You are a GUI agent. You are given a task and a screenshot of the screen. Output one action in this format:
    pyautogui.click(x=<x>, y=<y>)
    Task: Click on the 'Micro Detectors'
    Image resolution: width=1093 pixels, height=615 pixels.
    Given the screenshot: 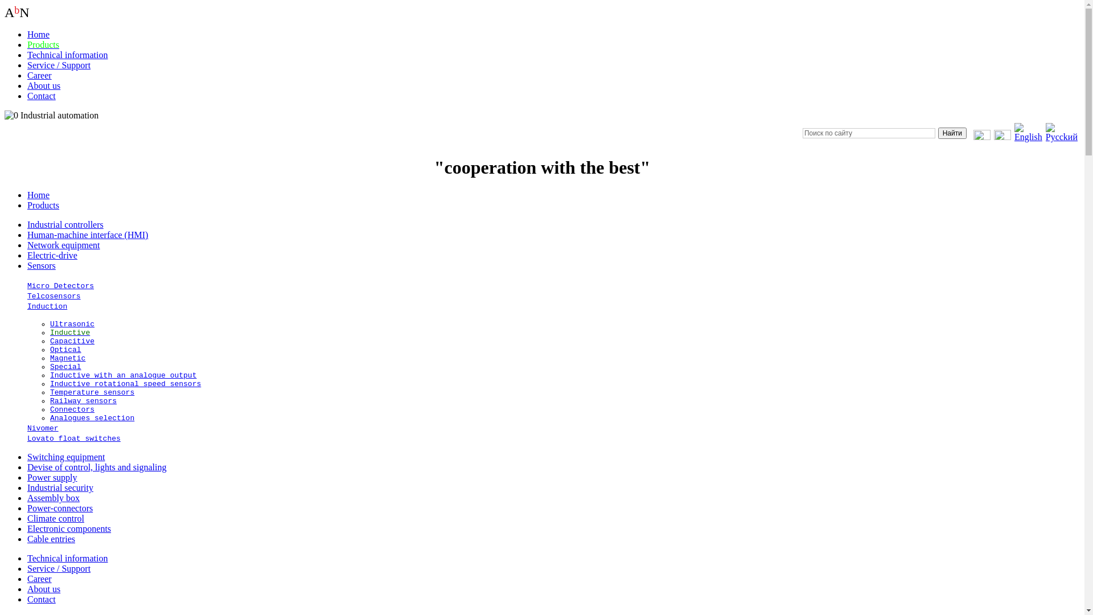 What is the action you would take?
    pyautogui.click(x=60, y=285)
    